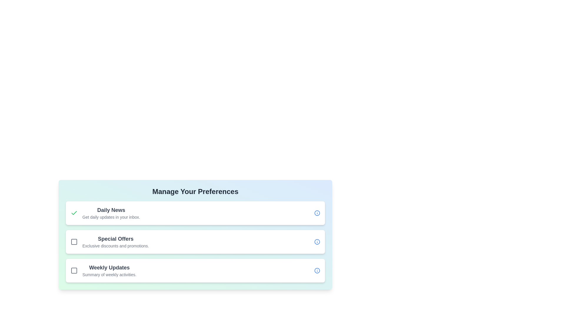 The image size is (565, 317). Describe the element at coordinates (111, 217) in the screenshot. I see `the text label that reads 'Get daily updates in your inbox.' located under the 'Daily News' heading in the 'Manage Your Preferences' section` at that location.